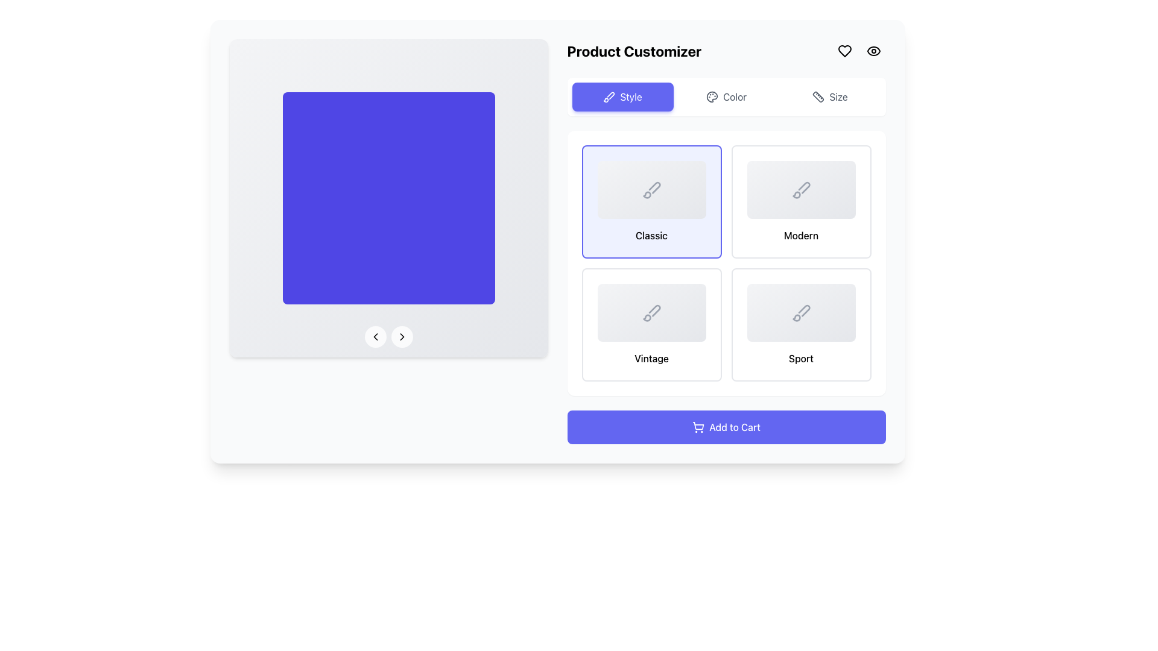  Describe the element at coordinates (801, 312) in the screenshot. I see `the minimalistic brush icon with a gray outline located in the fourth card of the 2x2 grid in the 'Style' section of the product customizer interface` at that location.